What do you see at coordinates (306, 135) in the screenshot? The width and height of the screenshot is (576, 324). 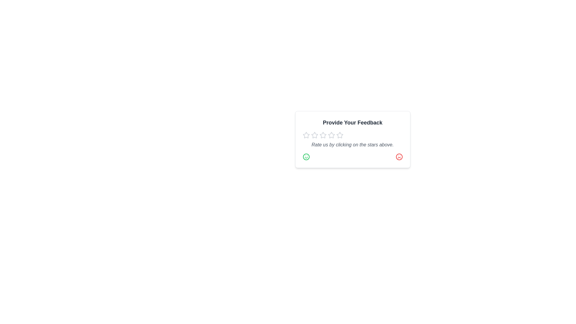 I see `the first Rating star icon located below the 'Provide Your Feedback' text` at bounding box center [306, 135].